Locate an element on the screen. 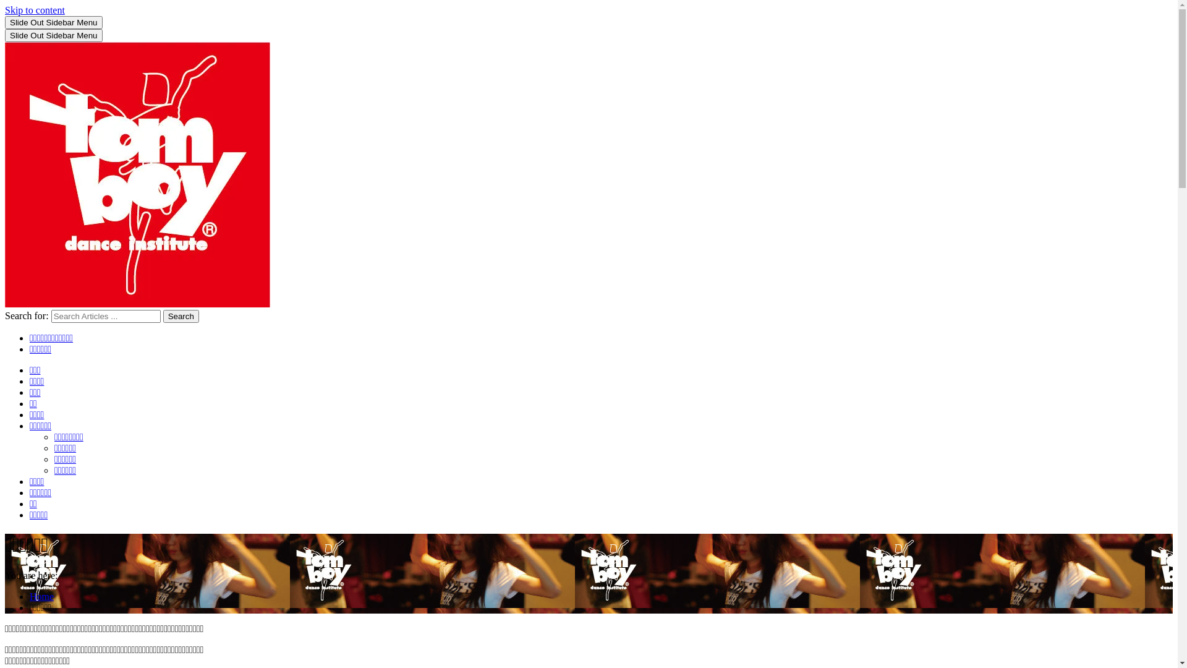 This screenshot has width=1187, height=668. 'Search' is located at coordinates (180, 315).